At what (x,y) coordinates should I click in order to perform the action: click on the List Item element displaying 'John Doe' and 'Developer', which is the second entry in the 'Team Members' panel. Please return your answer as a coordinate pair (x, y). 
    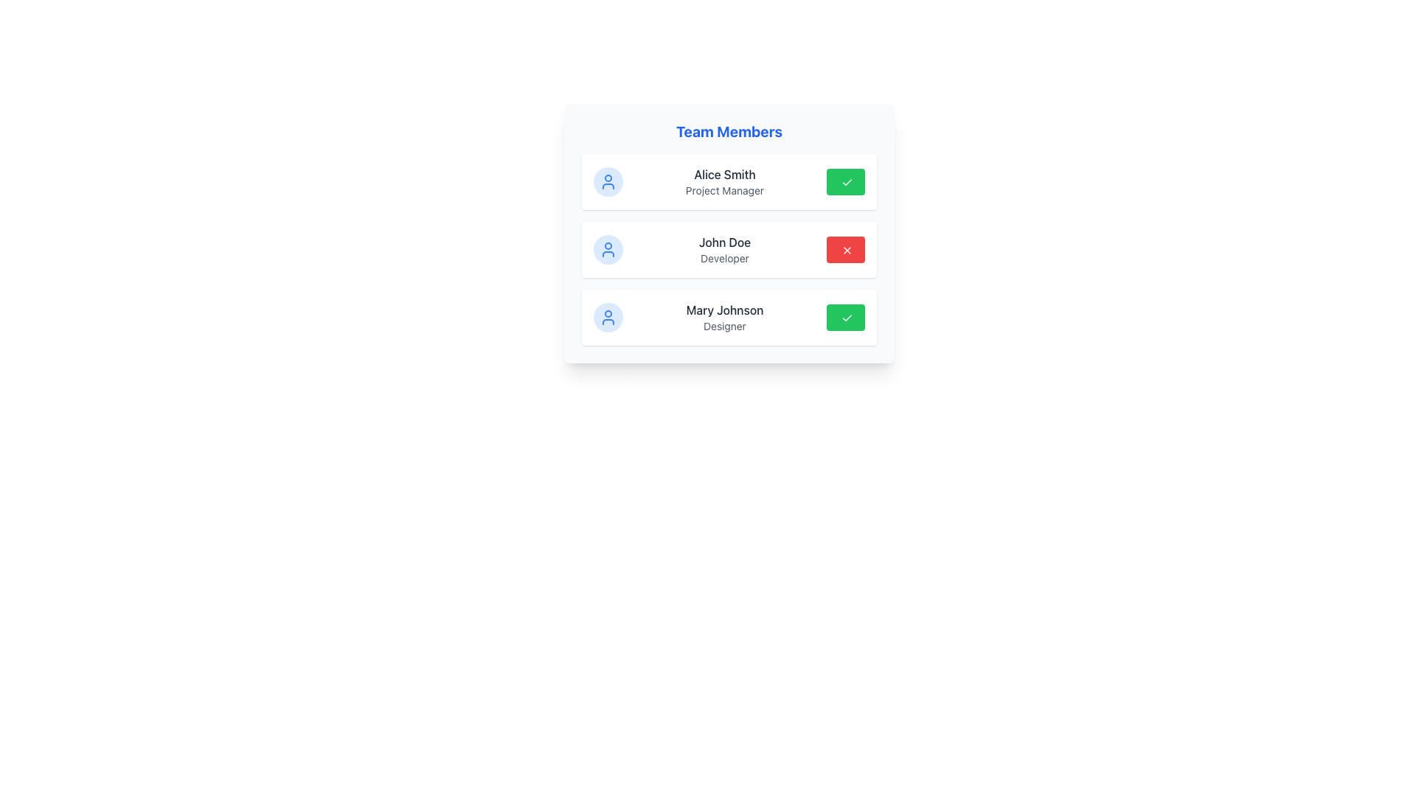
    Looking at the image, I should click on (729, 249).